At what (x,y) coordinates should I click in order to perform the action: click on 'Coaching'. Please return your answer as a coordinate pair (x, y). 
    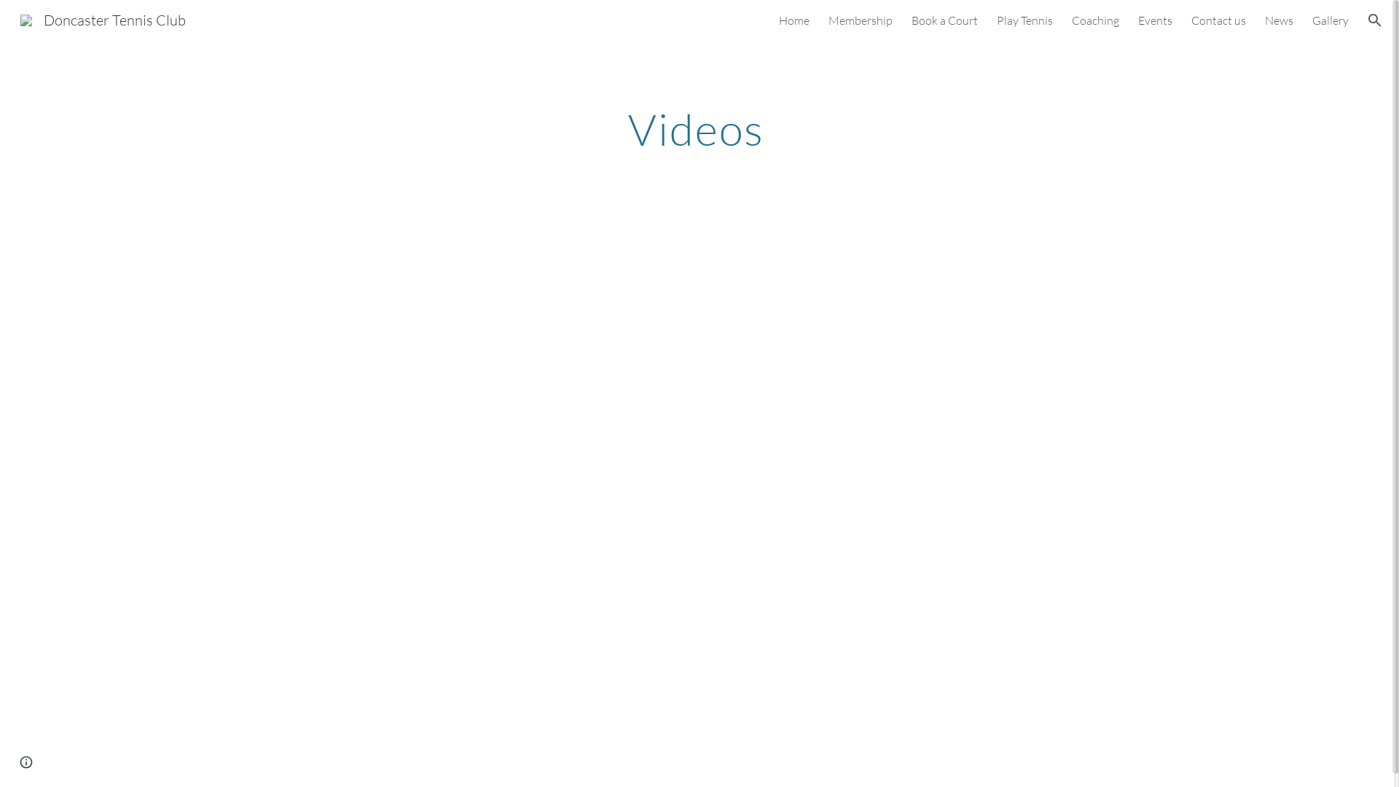
    Looking at the image, I should click on (1095, 20).